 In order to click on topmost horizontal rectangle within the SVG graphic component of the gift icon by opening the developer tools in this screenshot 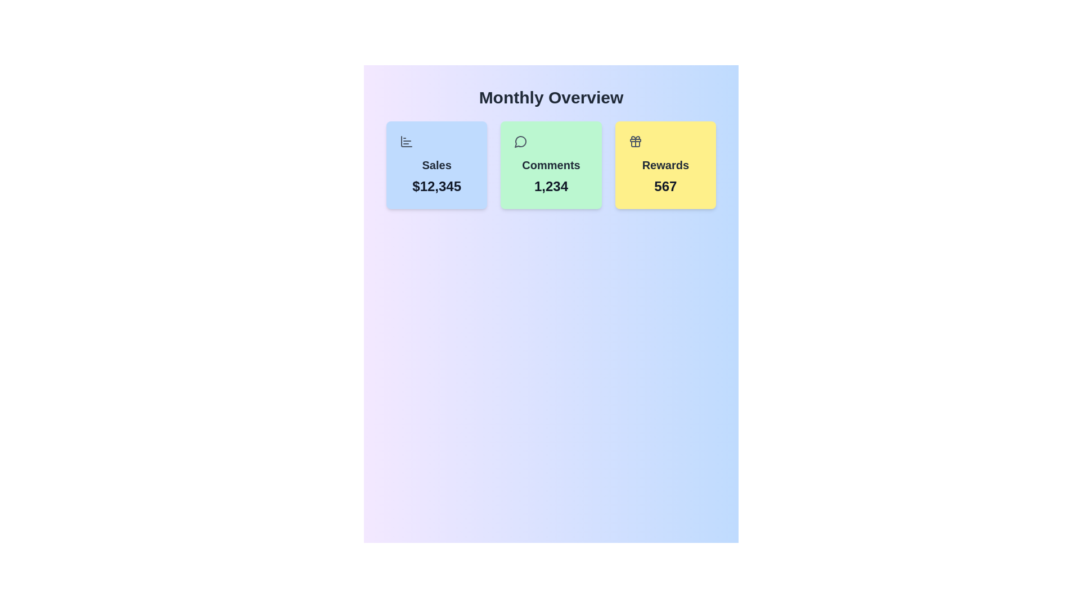, I will do `click(635, 140)`.